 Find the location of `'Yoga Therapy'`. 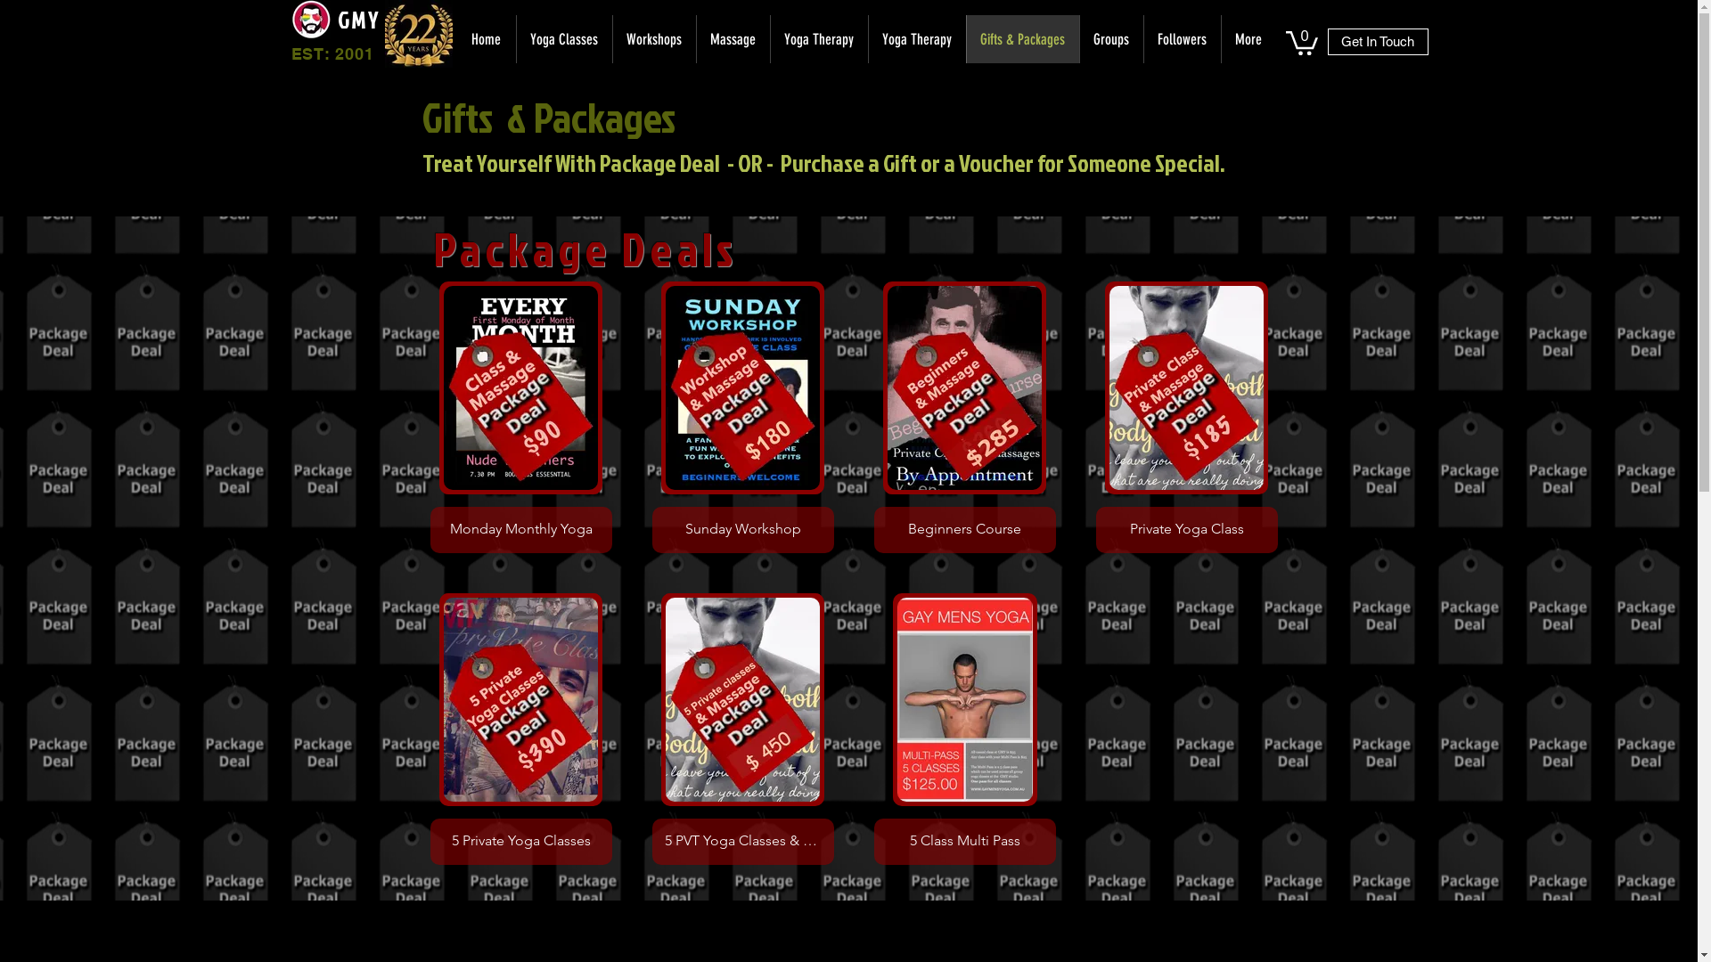

'Yoga Therapy' is located at coordinates (868, 38).